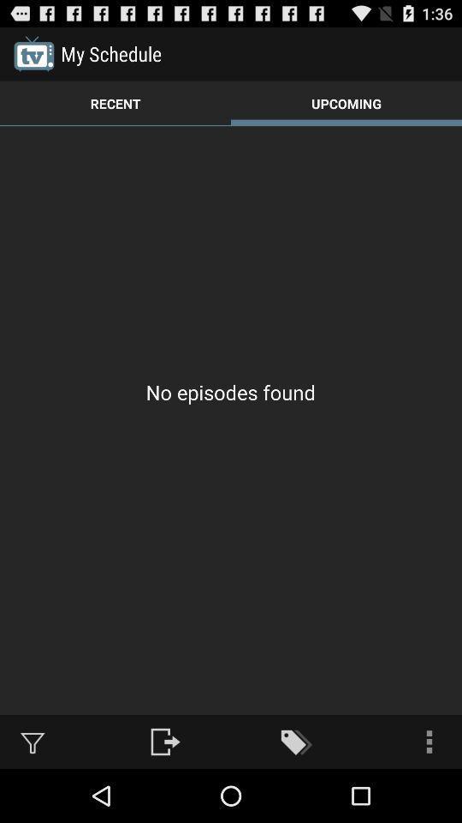 The width and height of the screenshot is (462, 823). I want to click on the upcoming icon, so click(346, 103).